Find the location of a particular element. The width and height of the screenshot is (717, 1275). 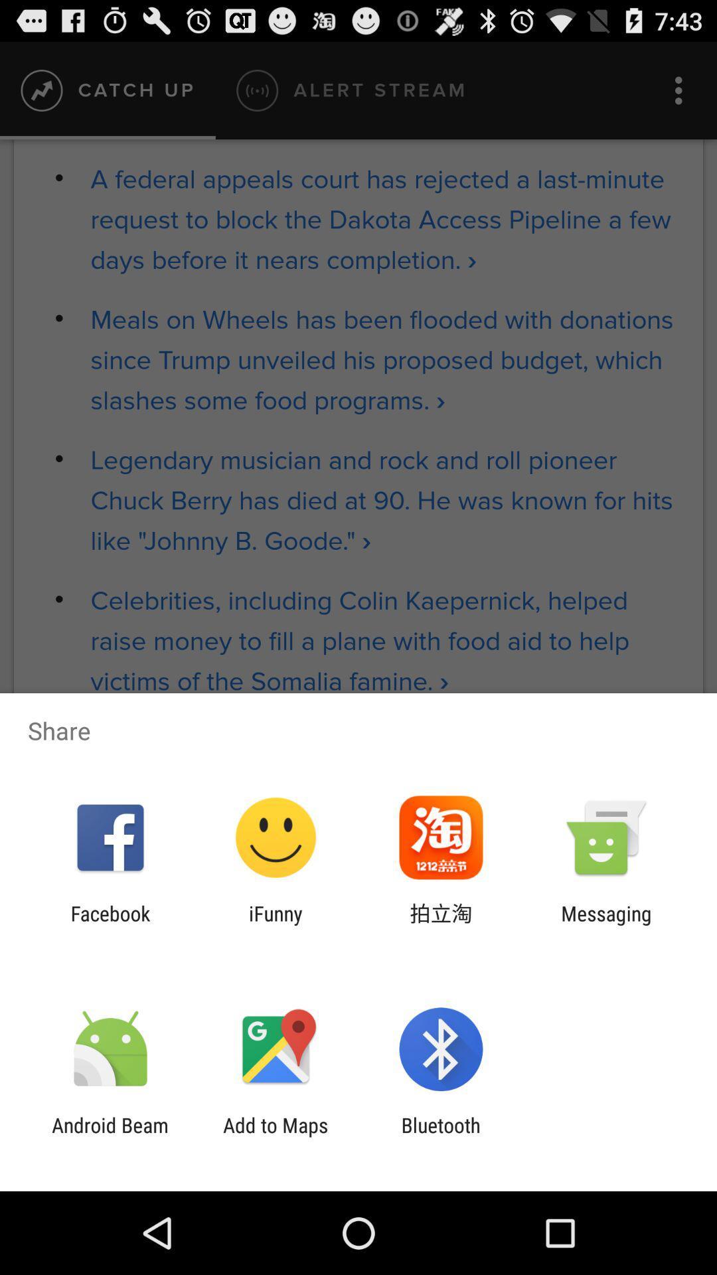

item to the right of android beam item is located at coordinates (275, 1136).